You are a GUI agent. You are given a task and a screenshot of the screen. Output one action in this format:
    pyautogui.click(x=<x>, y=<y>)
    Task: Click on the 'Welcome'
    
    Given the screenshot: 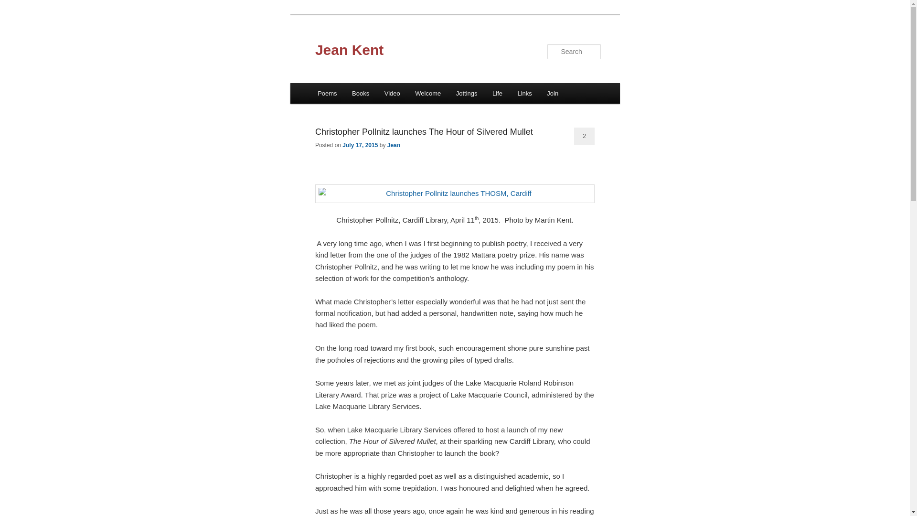 What is the action you would take?
    pyautogui.click(x=427, y=93)
    